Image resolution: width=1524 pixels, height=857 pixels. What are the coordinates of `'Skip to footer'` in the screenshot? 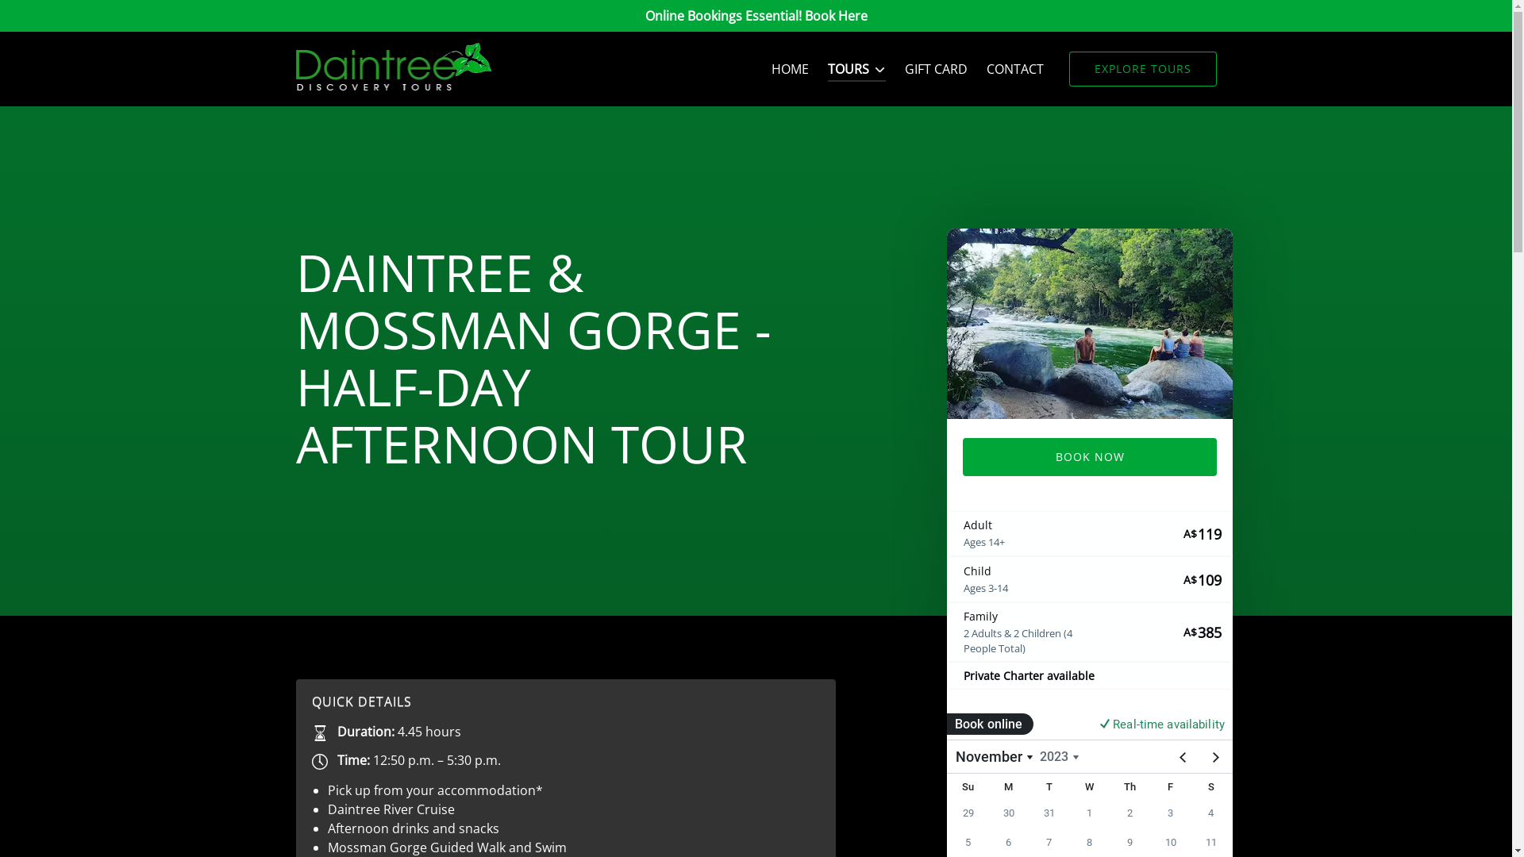 It's located at (7, 17).